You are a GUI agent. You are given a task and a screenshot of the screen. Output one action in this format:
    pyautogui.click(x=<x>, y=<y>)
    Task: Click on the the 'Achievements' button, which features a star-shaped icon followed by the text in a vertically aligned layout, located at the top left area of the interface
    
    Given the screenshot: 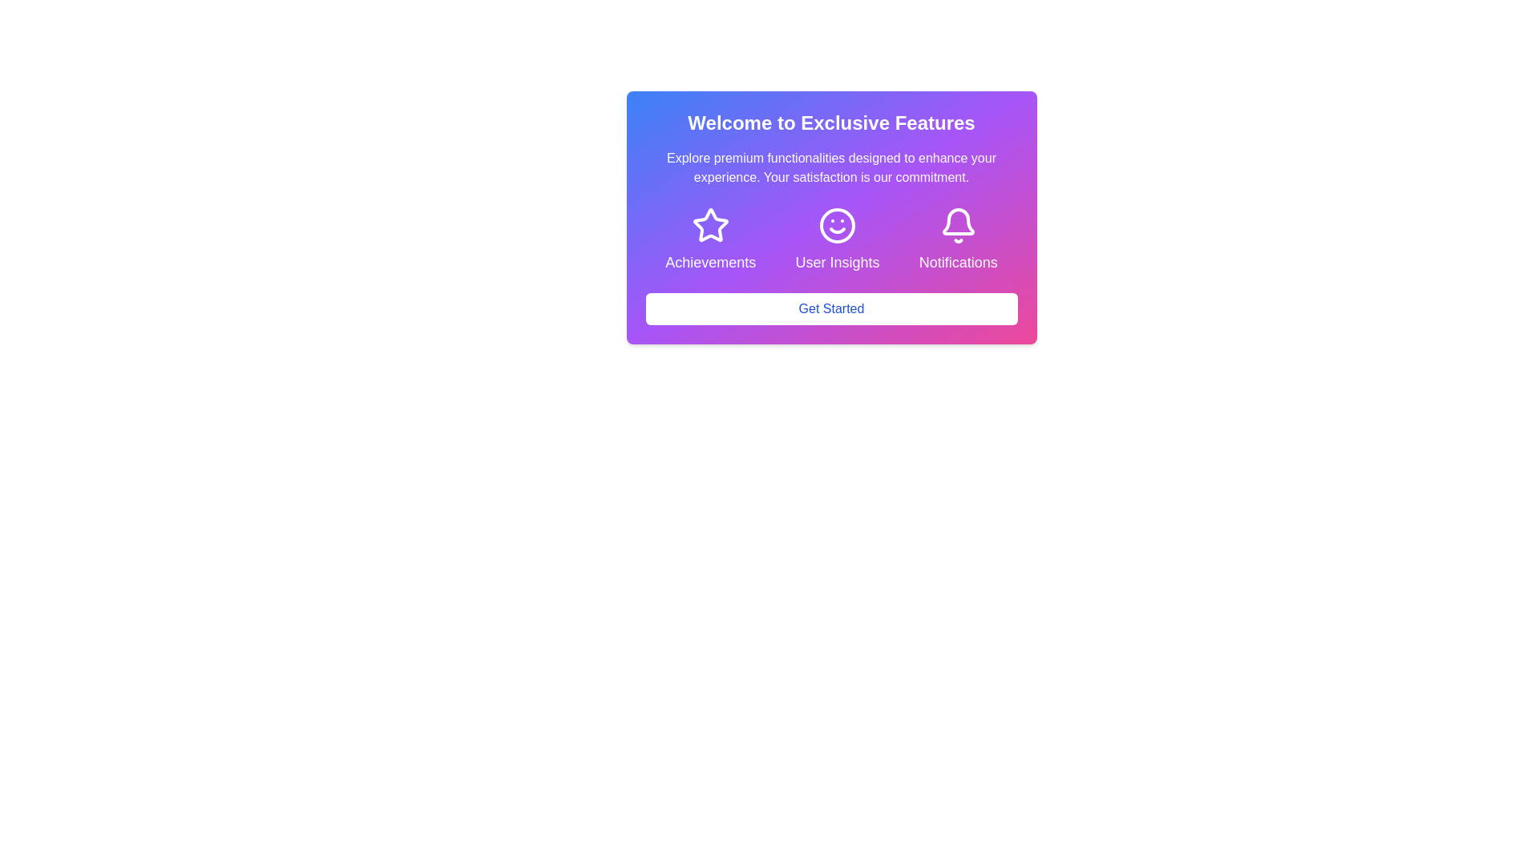 What is the action you would take?
    pyautogui.click(x=709, y=240)
    